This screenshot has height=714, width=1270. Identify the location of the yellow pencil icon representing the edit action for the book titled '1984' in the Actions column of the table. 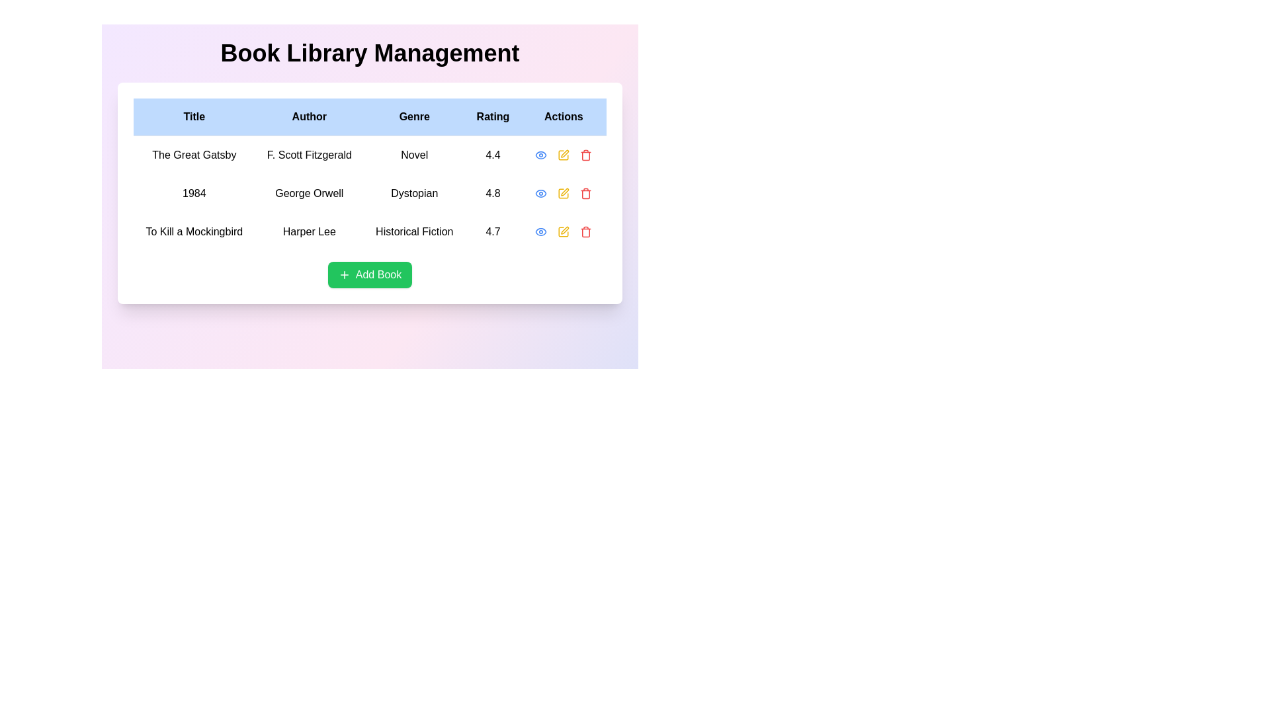
(564, 194).